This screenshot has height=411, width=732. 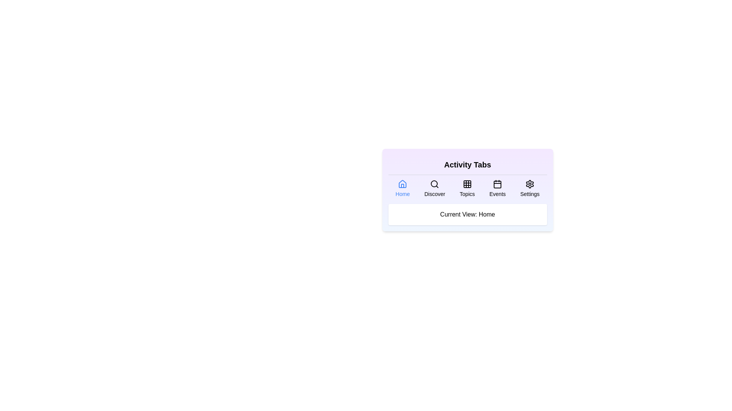 What do you see at coordinates (530, 188) in the screenshot?
I see `the Settings tab` at bounding box center [530, 188].